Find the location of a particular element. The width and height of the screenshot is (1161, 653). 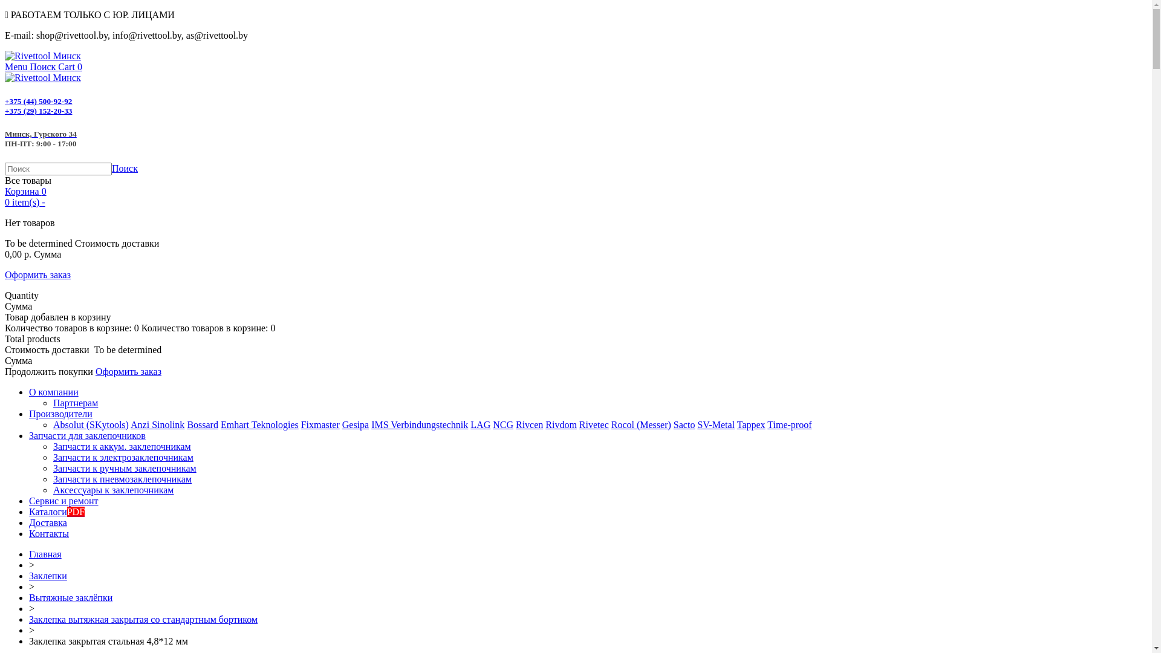

'Emhart Teknologies' is located at coordinates (259, 424).